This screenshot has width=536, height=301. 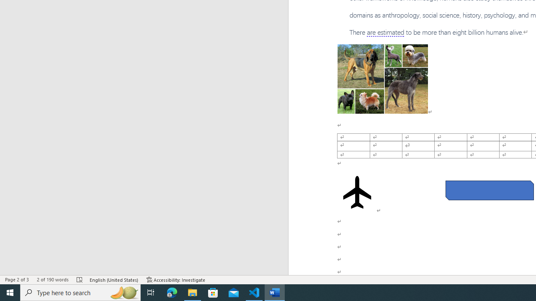 I want to click on 'Airplane with solid fill', so click(x=357, y=192).